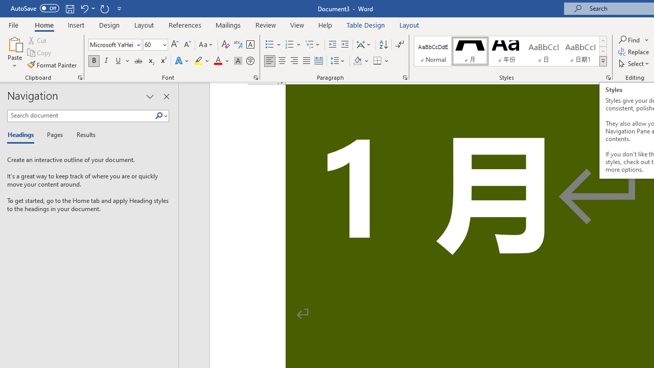  I want to click on 'View', so click(297, 25).